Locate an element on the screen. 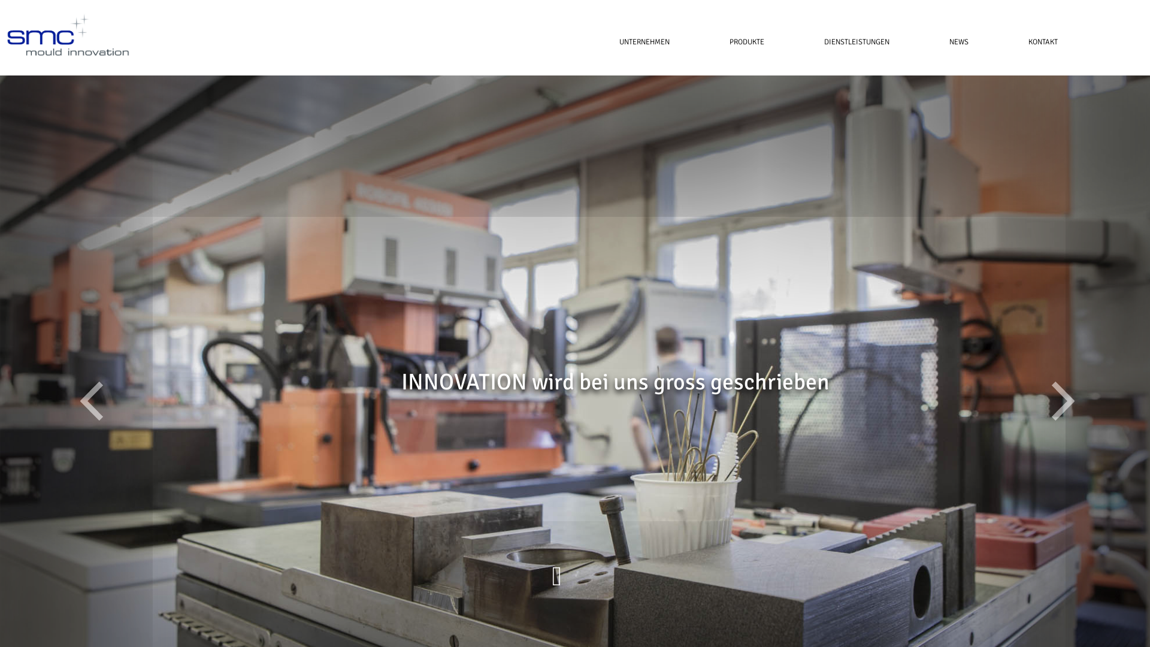 Image resolution: width=1150 pixels, height=647 pixels. 'PRODUKTE' is located at coordinates (746, 41).